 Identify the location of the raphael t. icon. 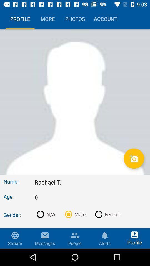
(90, 182).